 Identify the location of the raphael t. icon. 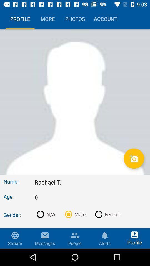
(90, 182).